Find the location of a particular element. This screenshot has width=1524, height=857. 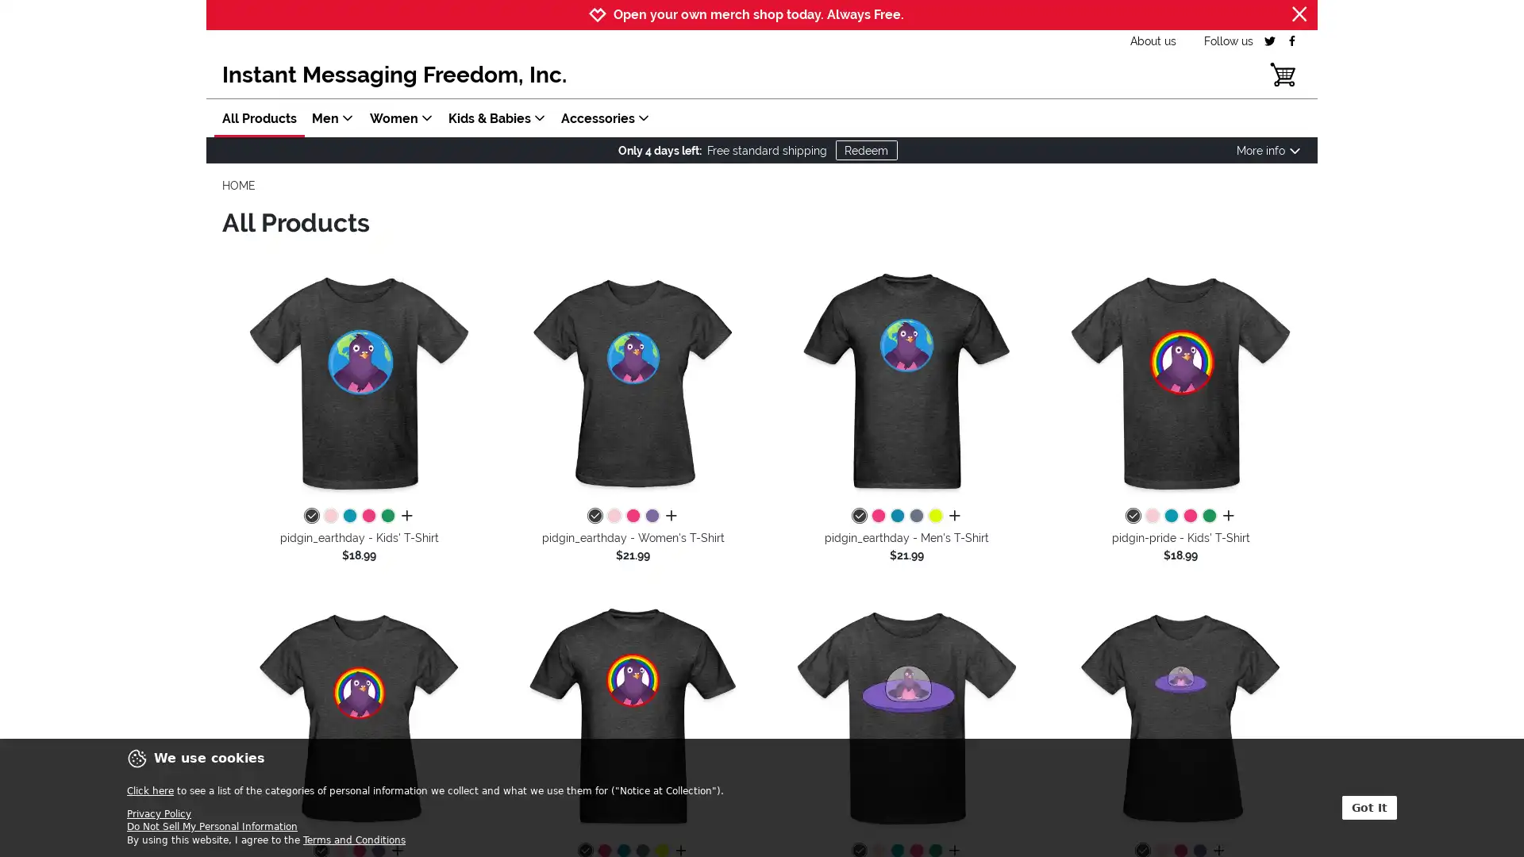

More info is located at coordinates (1268, 150).